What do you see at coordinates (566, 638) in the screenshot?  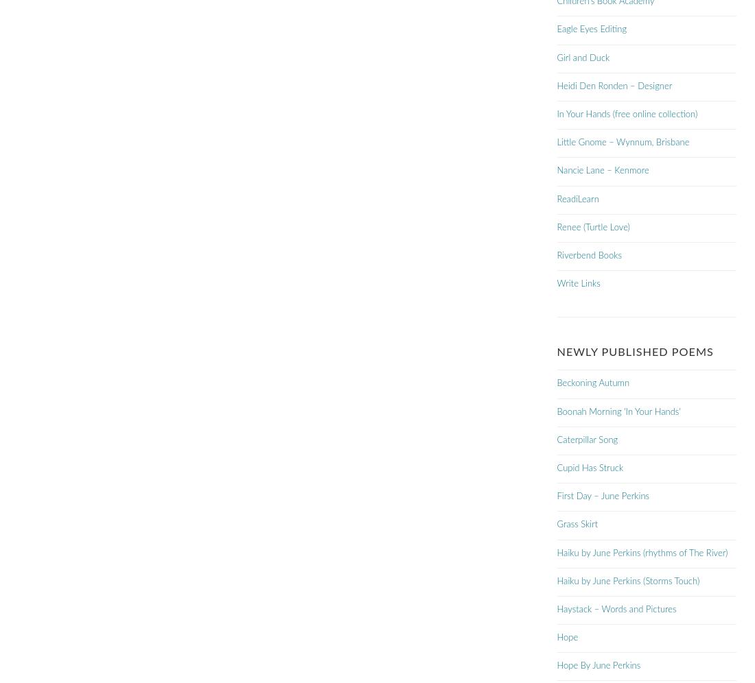 I see `'Hope'` at bounding box center [566, 638].